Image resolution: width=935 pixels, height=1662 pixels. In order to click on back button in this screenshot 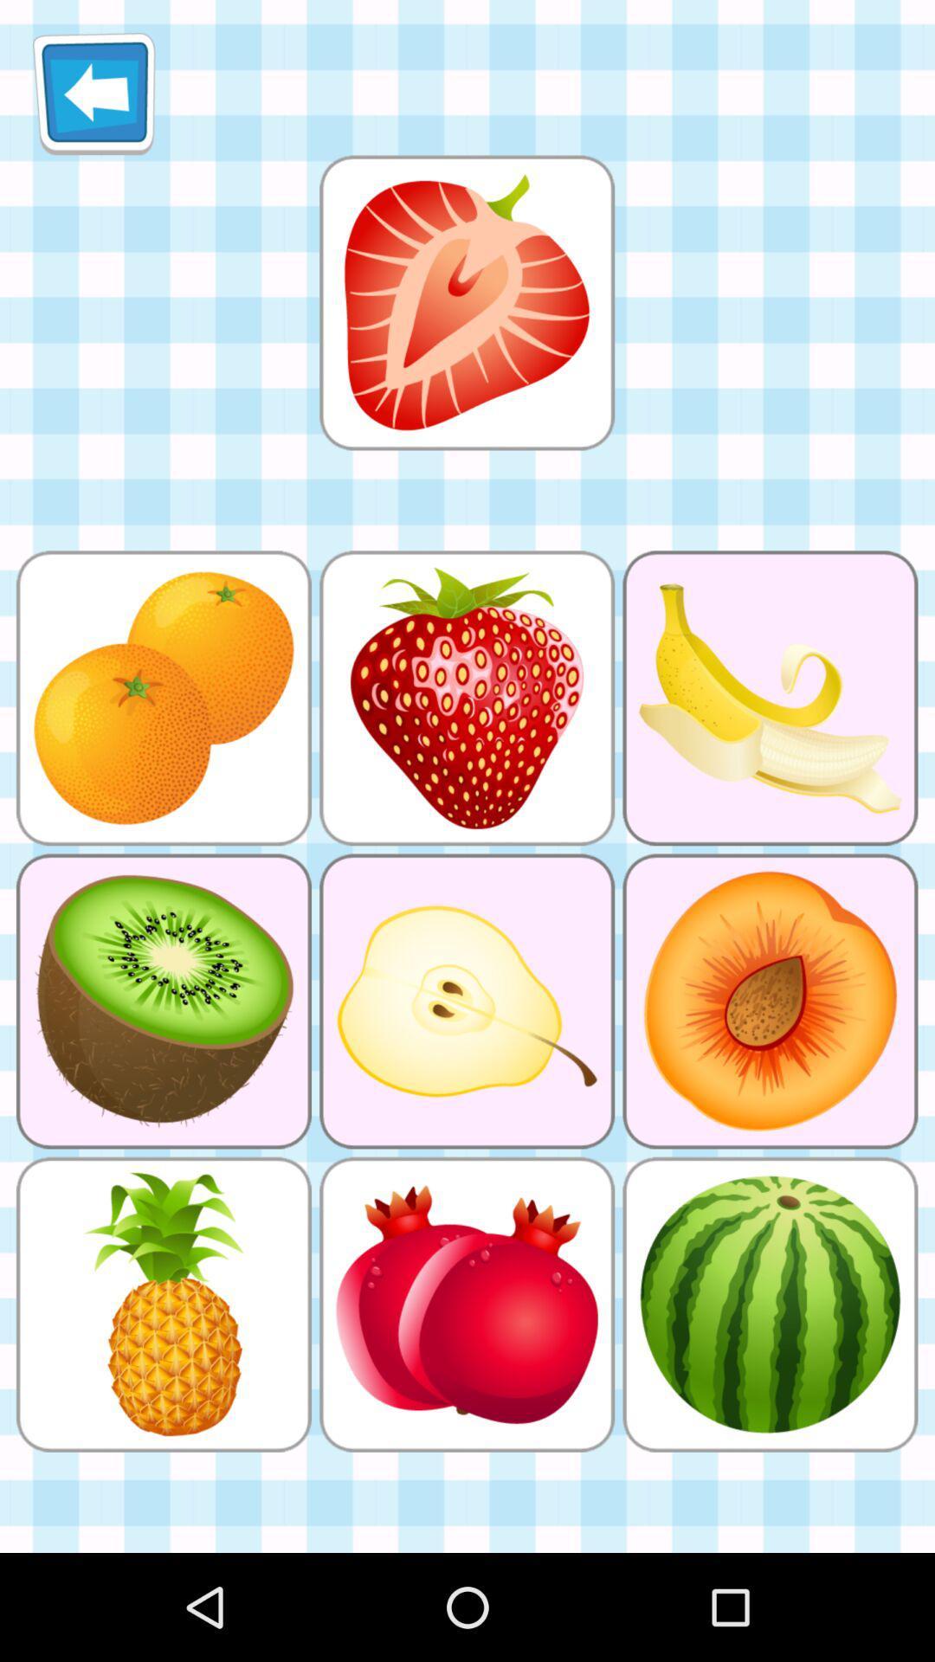, I will do `click(93, 93)`.